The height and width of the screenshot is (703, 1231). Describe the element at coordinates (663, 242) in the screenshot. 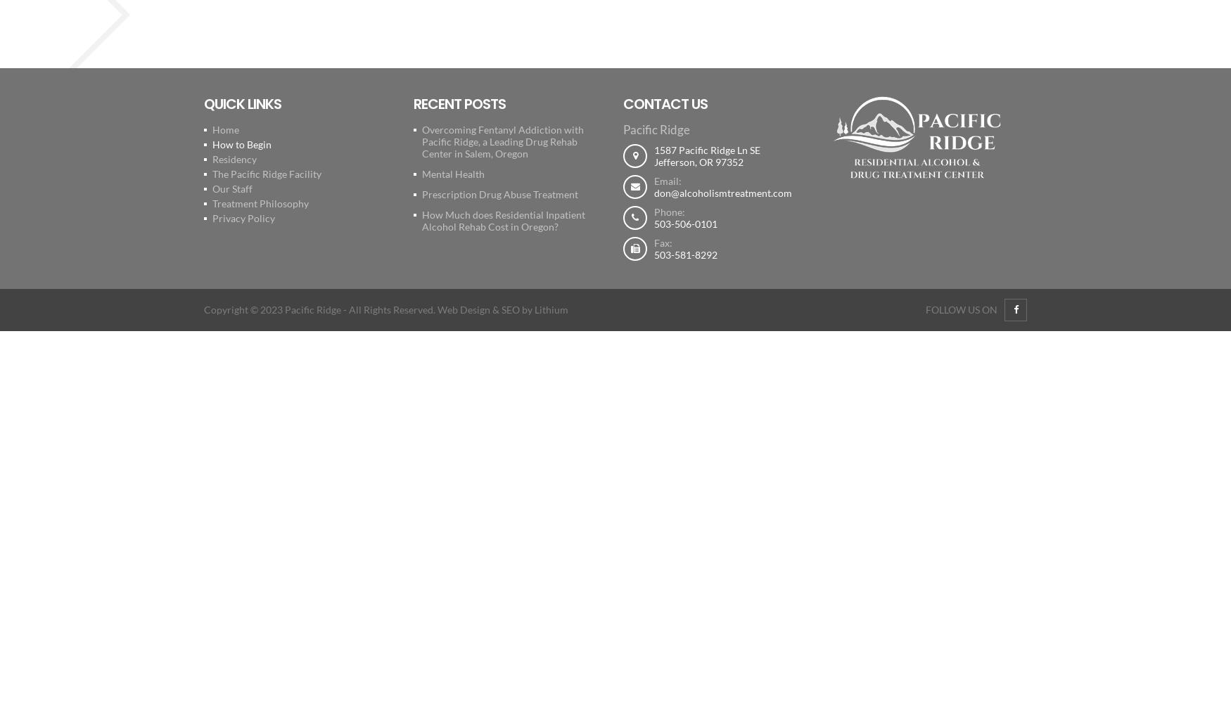

I see `'Fax:'` at that location.